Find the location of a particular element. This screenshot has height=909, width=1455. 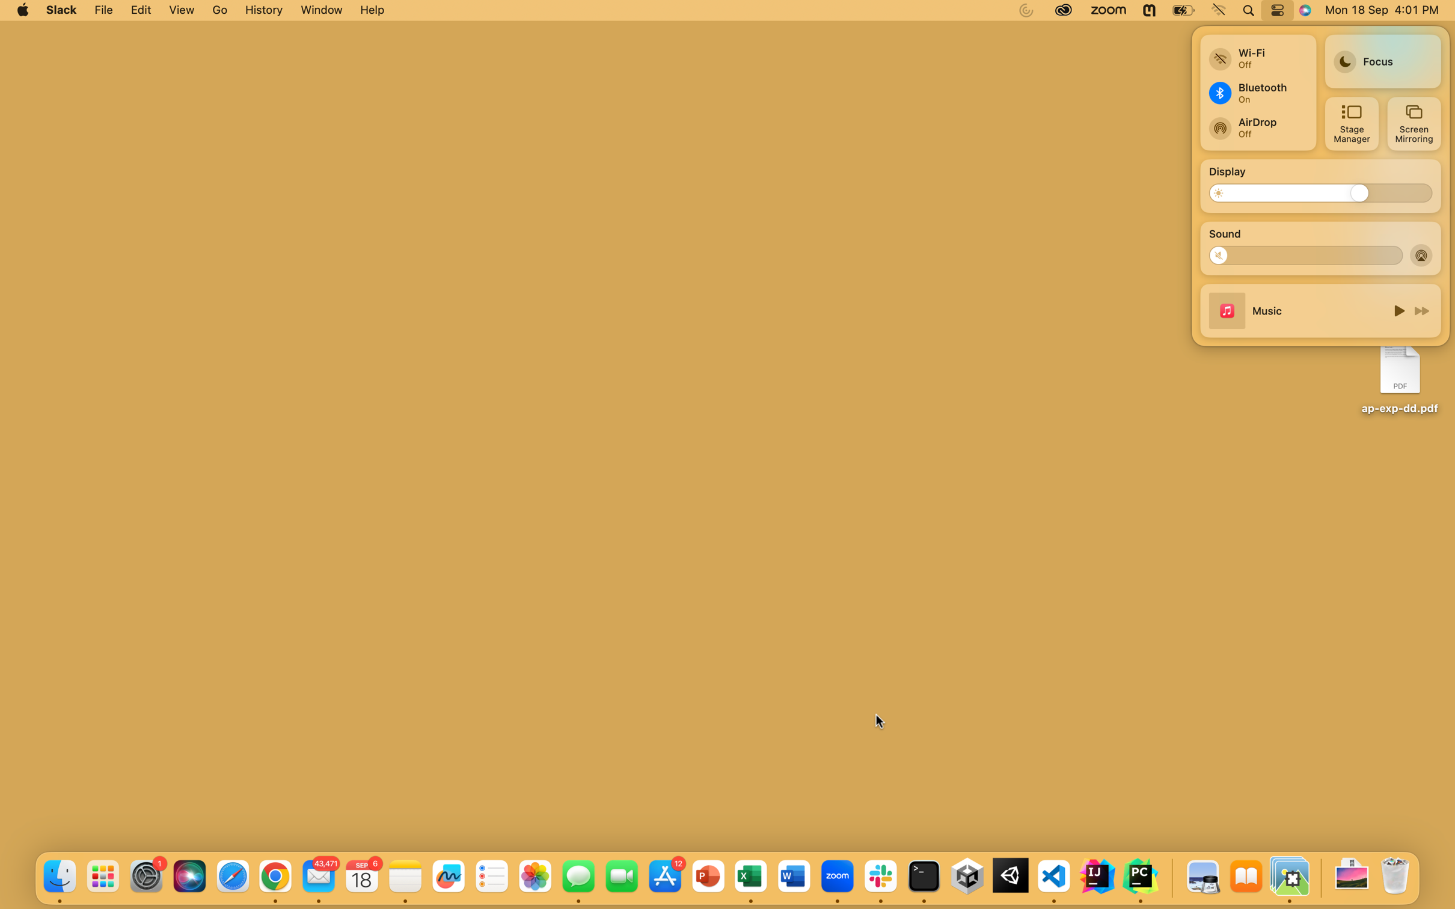

Boost the audio to its highest level is located at coordinates (1389, 253).